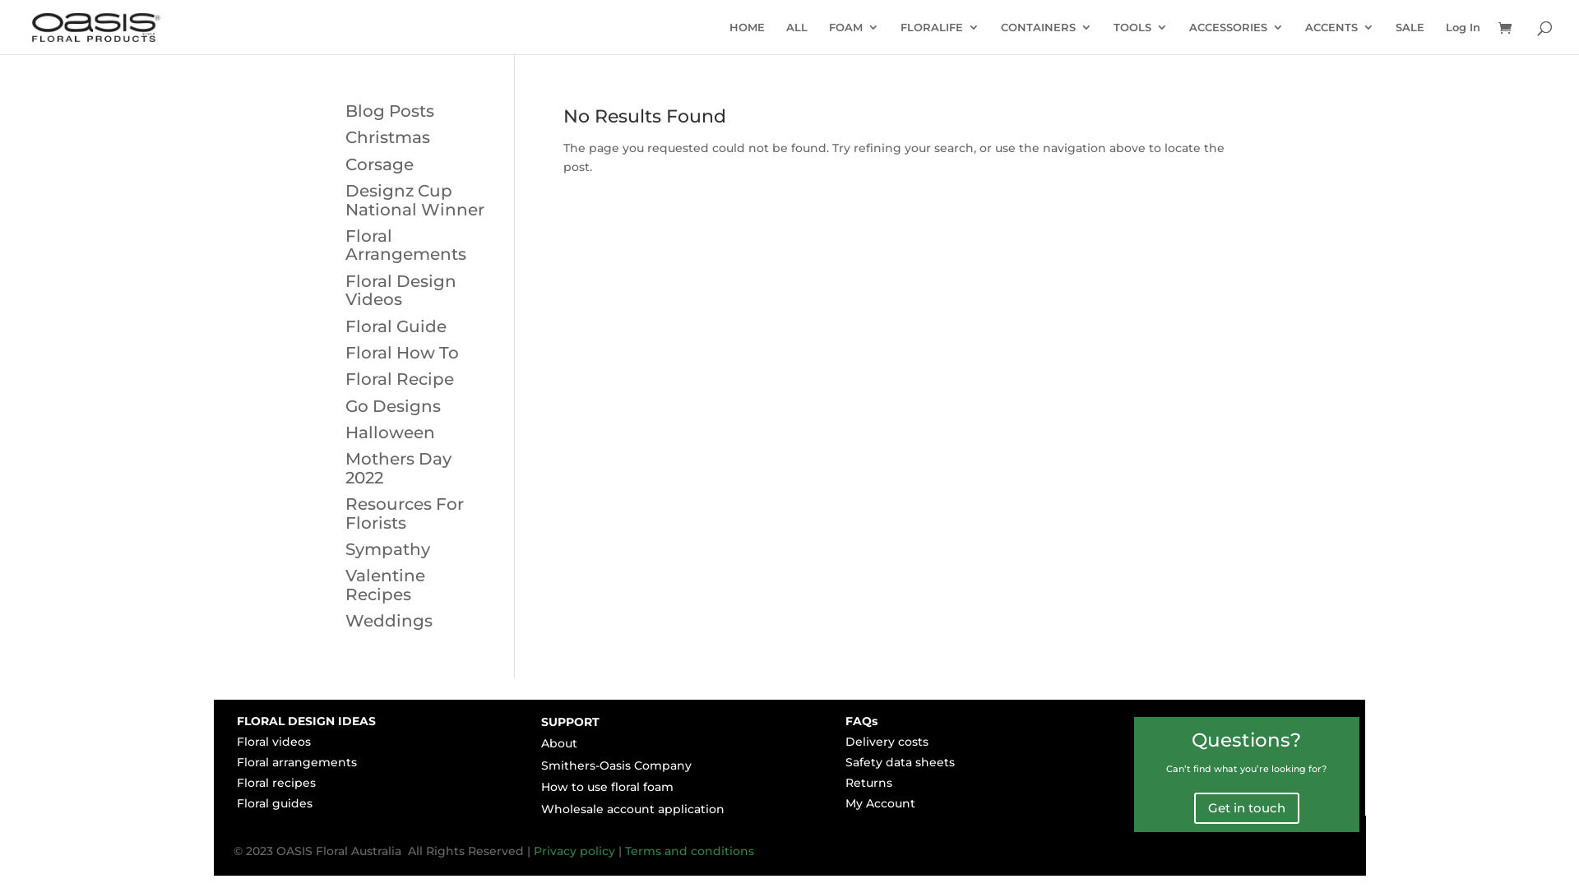  Describe the element at coordinates (1339, 37) in the screenshot. I see `'ACCENTS'` at that location.